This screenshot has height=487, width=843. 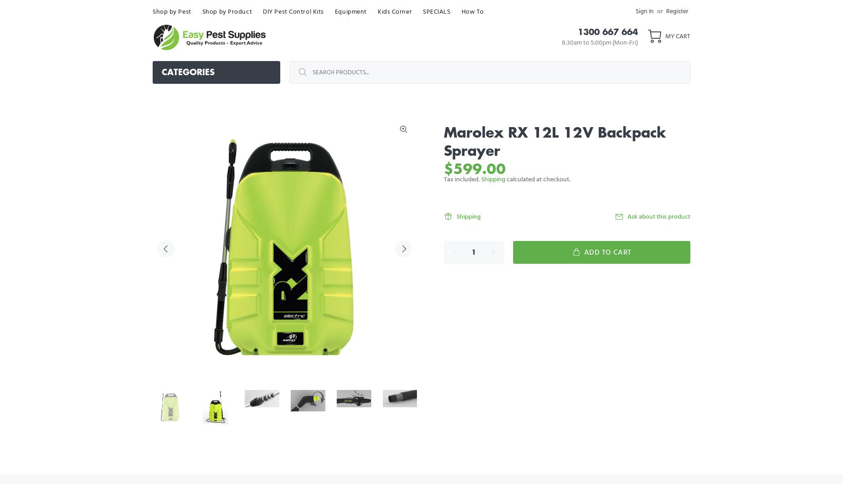 I want to click on 'Register', so click(x=677, y=11).